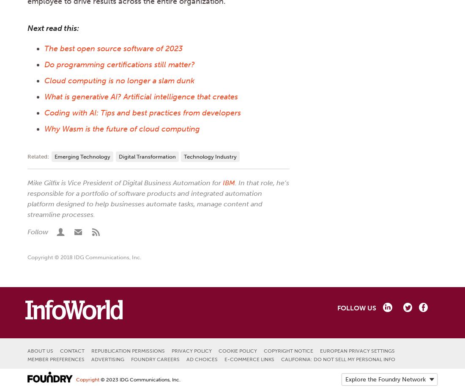  I want to click on 'Copyright', so click(75, 379).